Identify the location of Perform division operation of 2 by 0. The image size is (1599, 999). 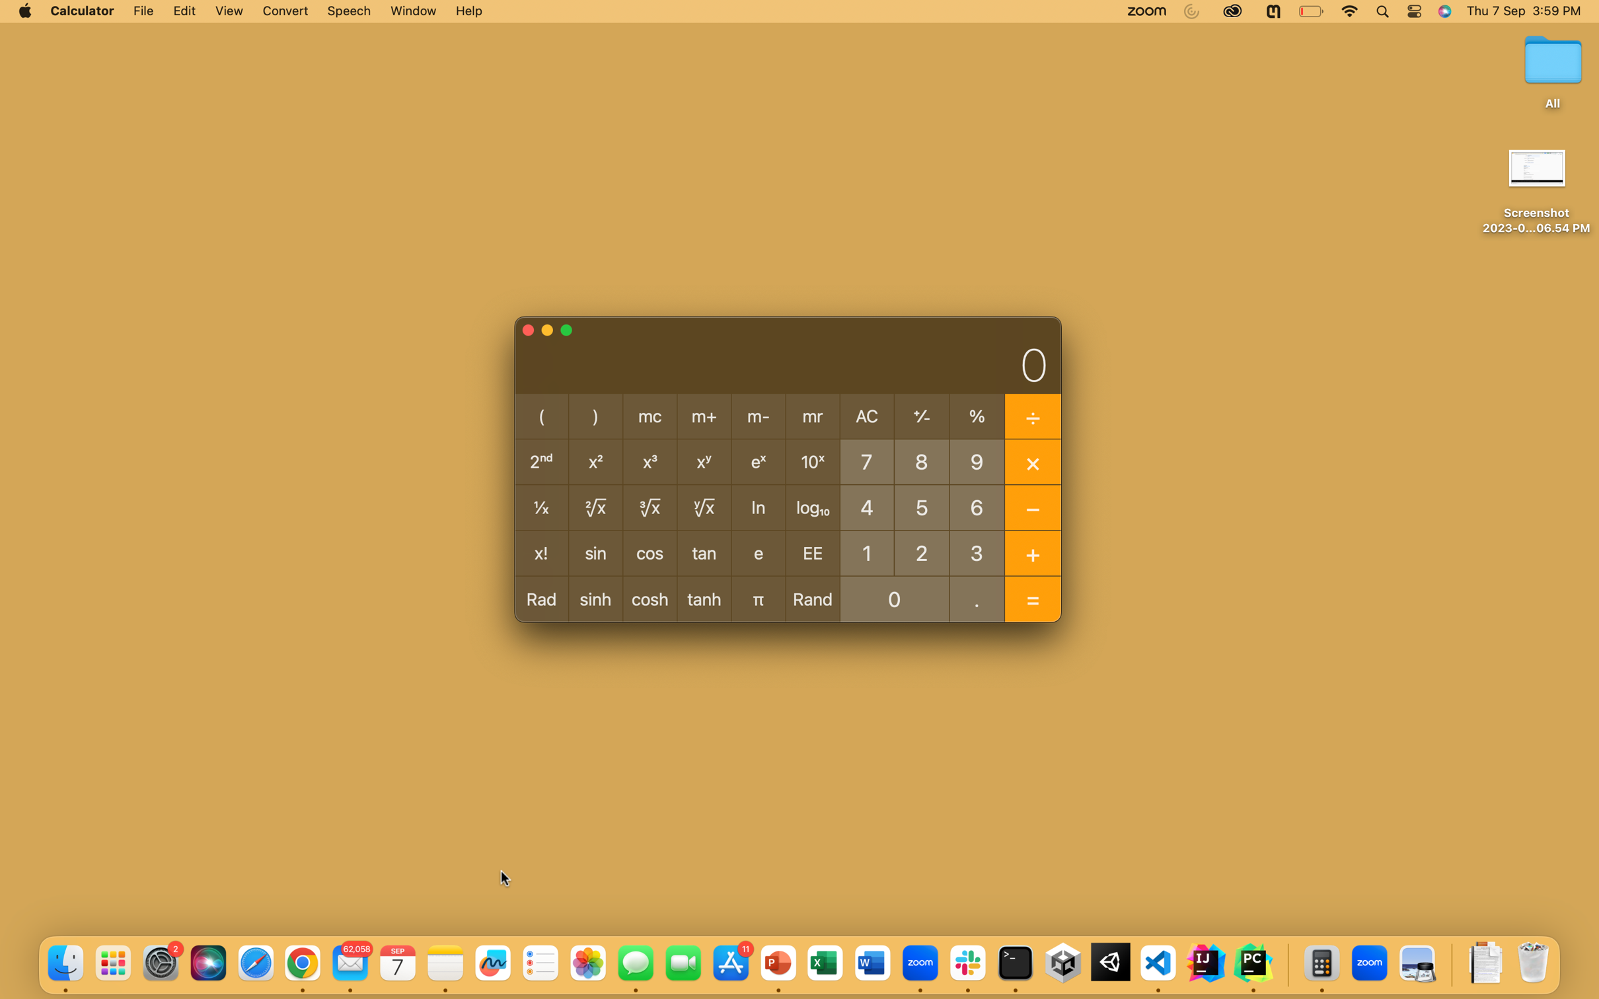
(921, 551).